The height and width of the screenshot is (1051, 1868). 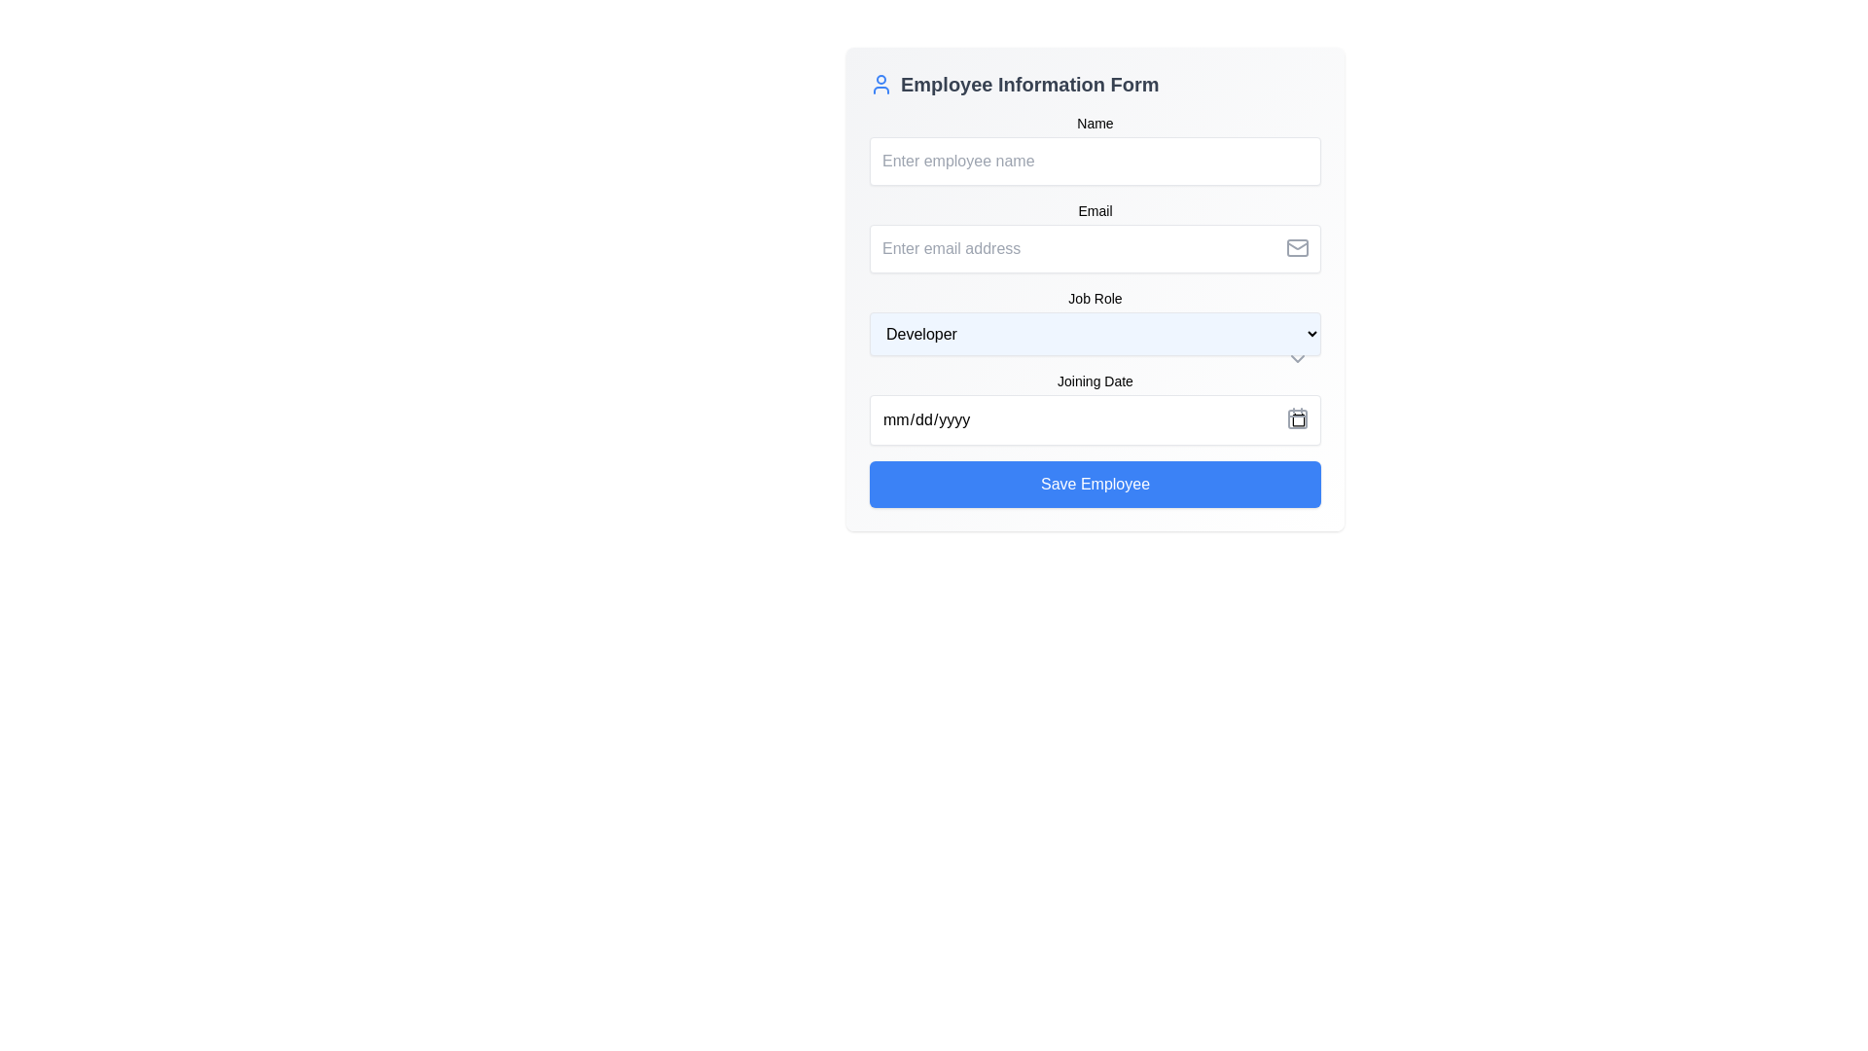 I want to click on the header text label with an accompanying icon at the top of the form that indicates the purpose of the employee information input form, so click(x=1096, y=84).